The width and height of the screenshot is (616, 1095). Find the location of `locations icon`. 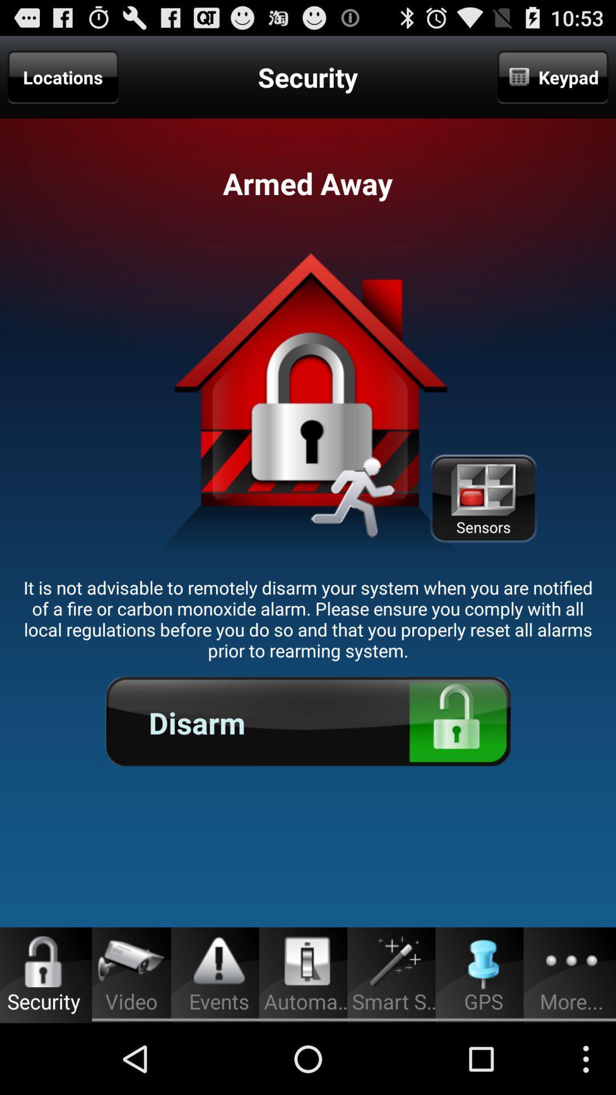

locations icon is located at coordinates (63, 76).